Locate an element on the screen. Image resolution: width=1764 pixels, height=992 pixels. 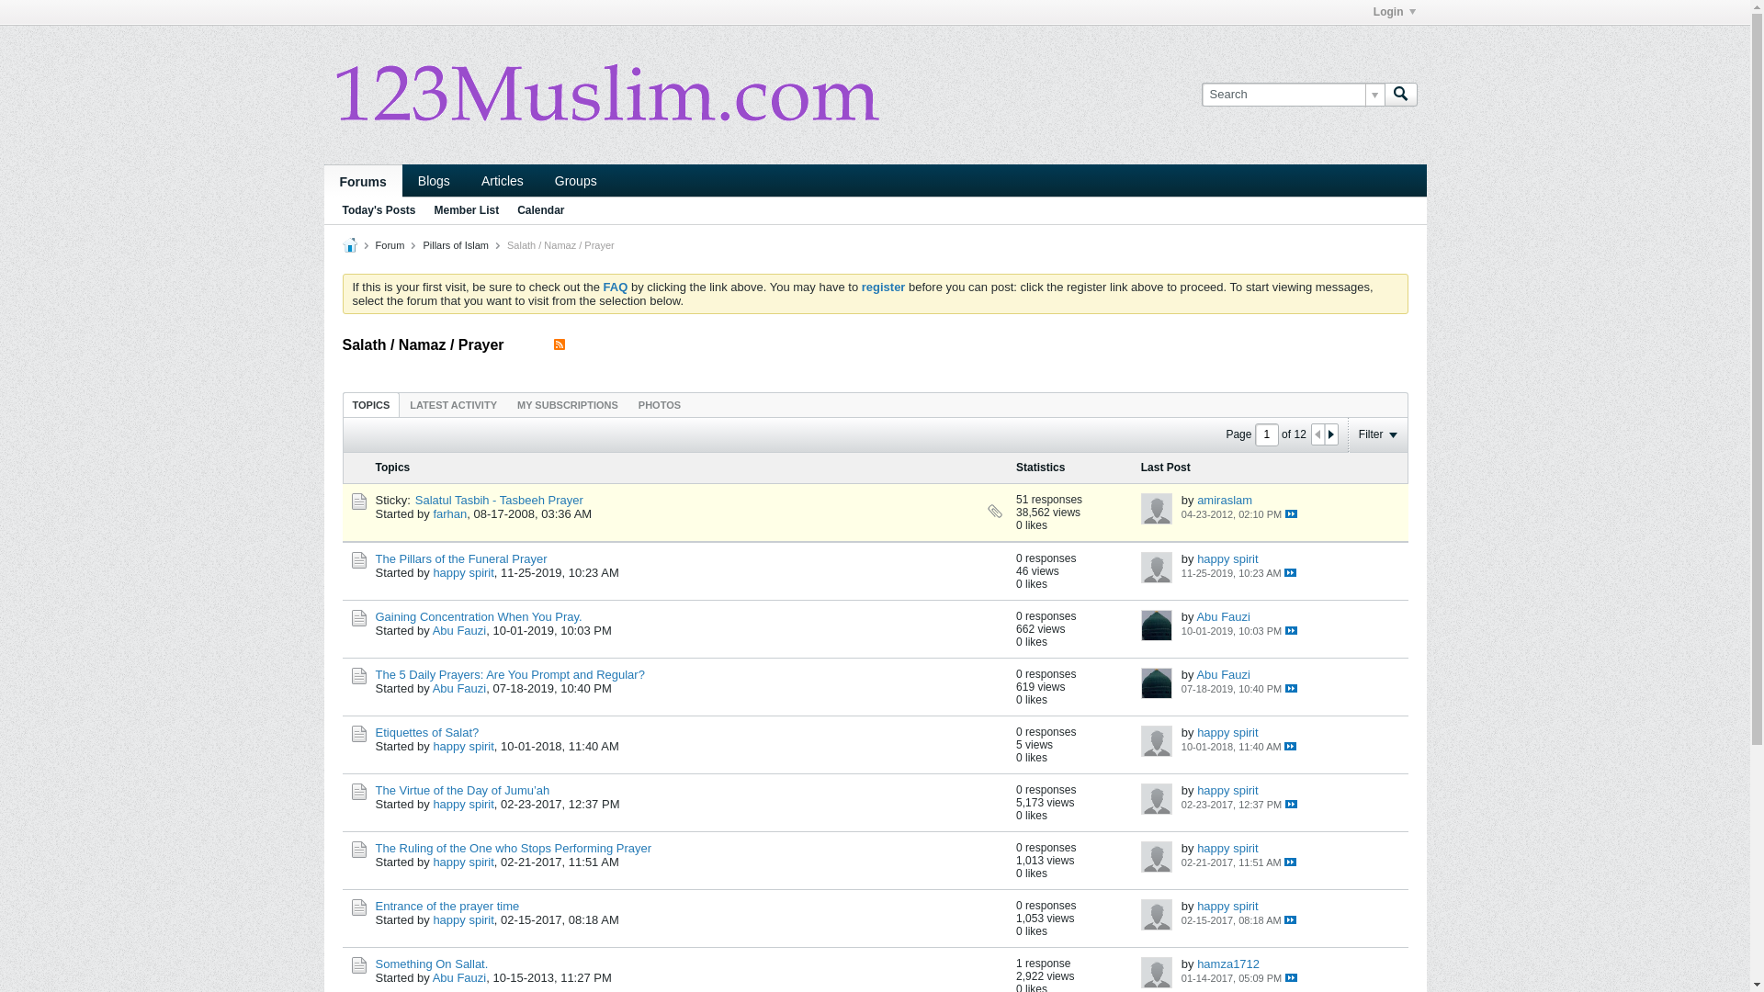
'farhan' is located at coordinates (449, 513).